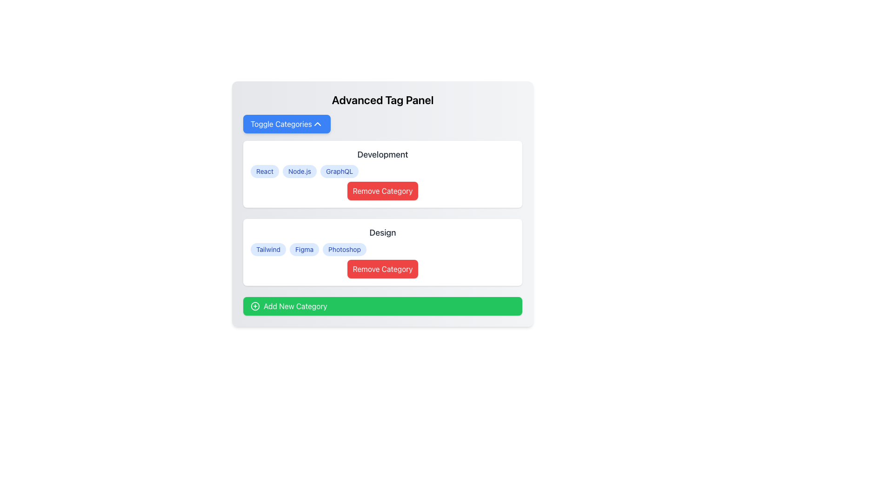 The width and height of the screenshot is (893, 502). Describe the element at coordinates (255, 306) in the screenshot. I see `the decorative SVG Circle that enhances the appearance of the green add-category button located in the footer action section` at that location.